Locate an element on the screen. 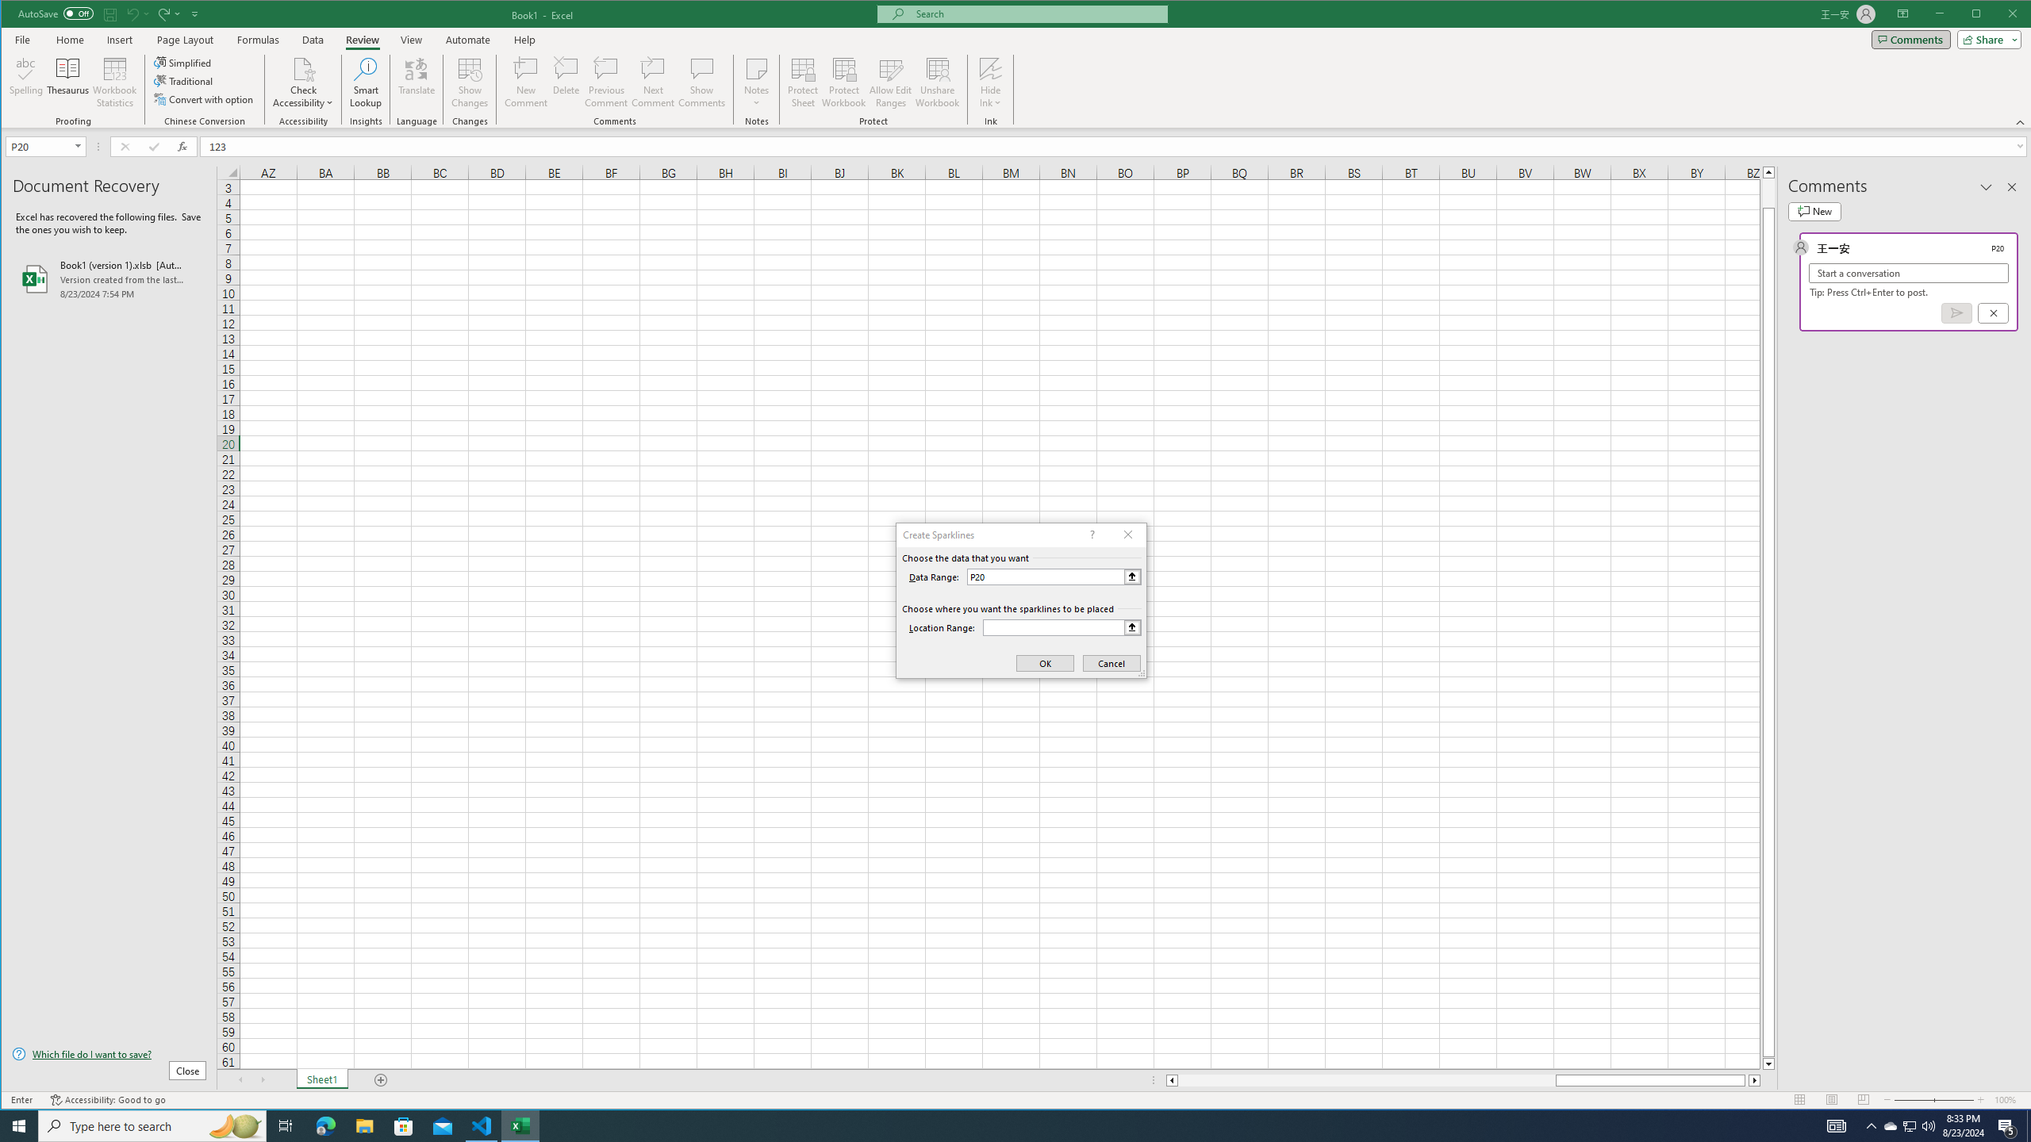 The width and height of the screenshot is (2031, 1142). 'Smart Lookup' is located at coordinates (365, 82).